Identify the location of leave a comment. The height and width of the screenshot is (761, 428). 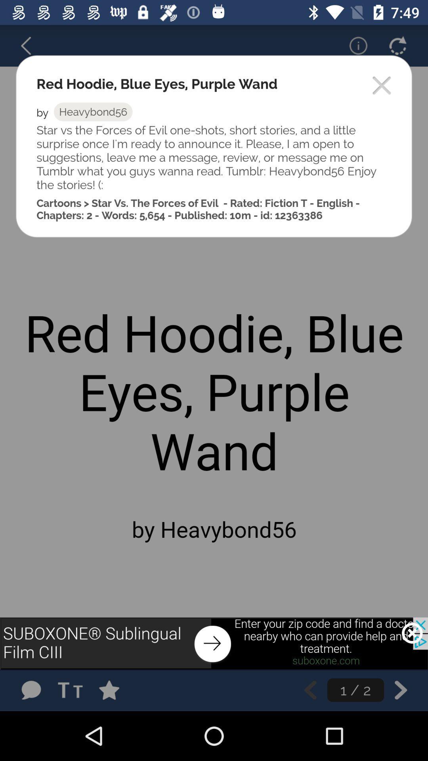
(31, 690).